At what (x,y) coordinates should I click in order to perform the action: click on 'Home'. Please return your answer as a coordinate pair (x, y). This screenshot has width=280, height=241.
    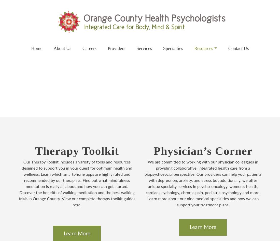
    Looking at the image, I should click on (31, 48).